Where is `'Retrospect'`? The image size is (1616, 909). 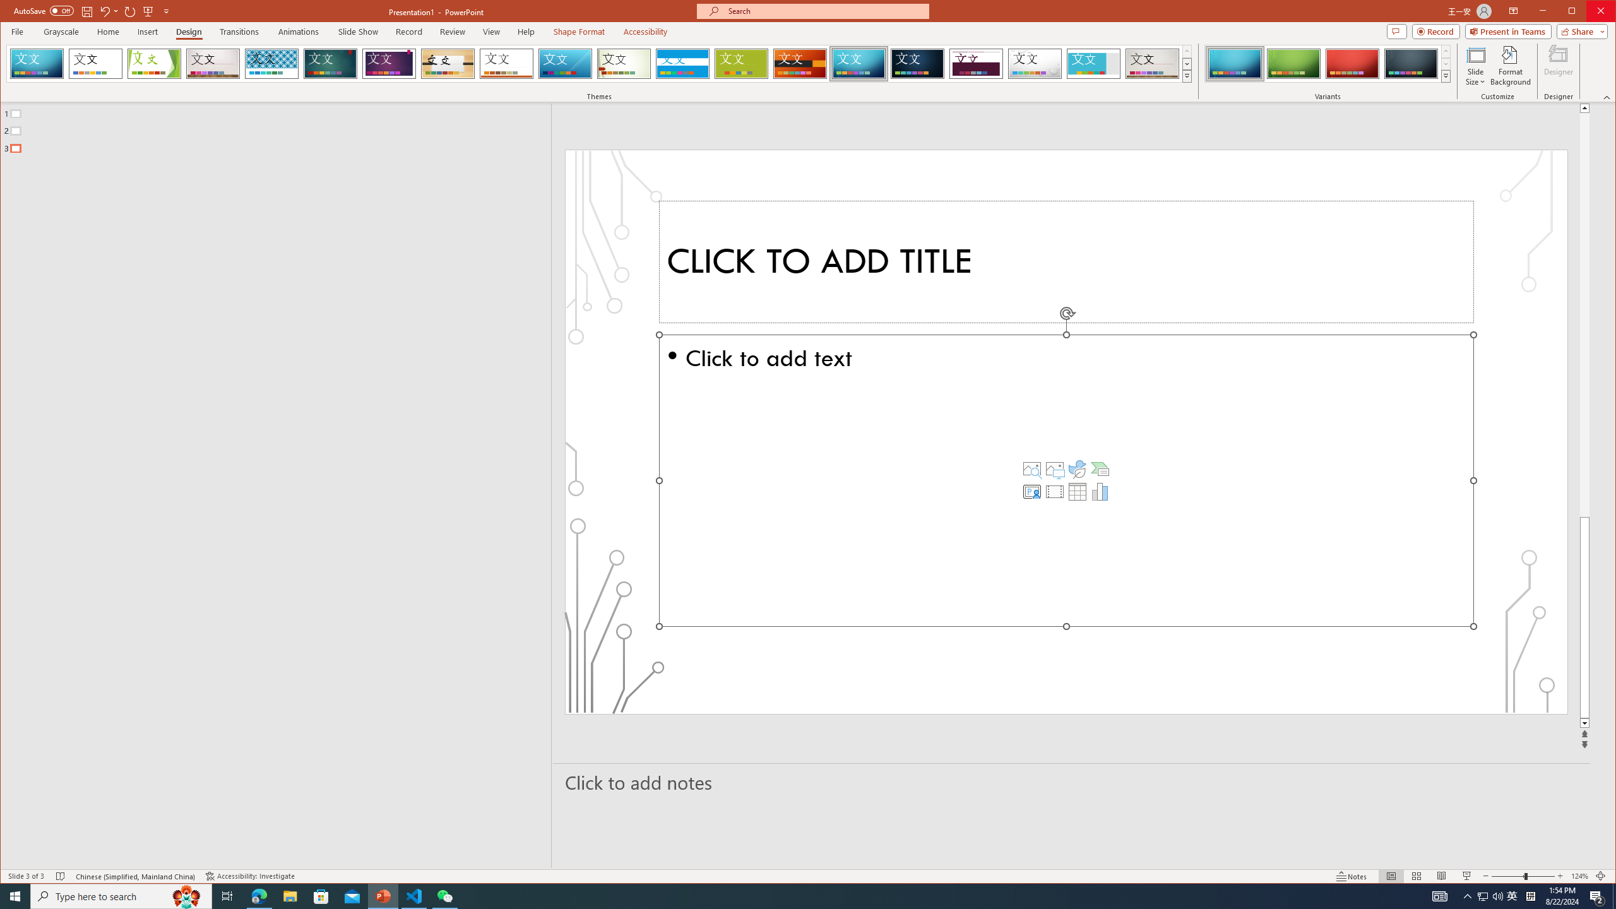
'Retrospect' is located at coordinates (506, 63).